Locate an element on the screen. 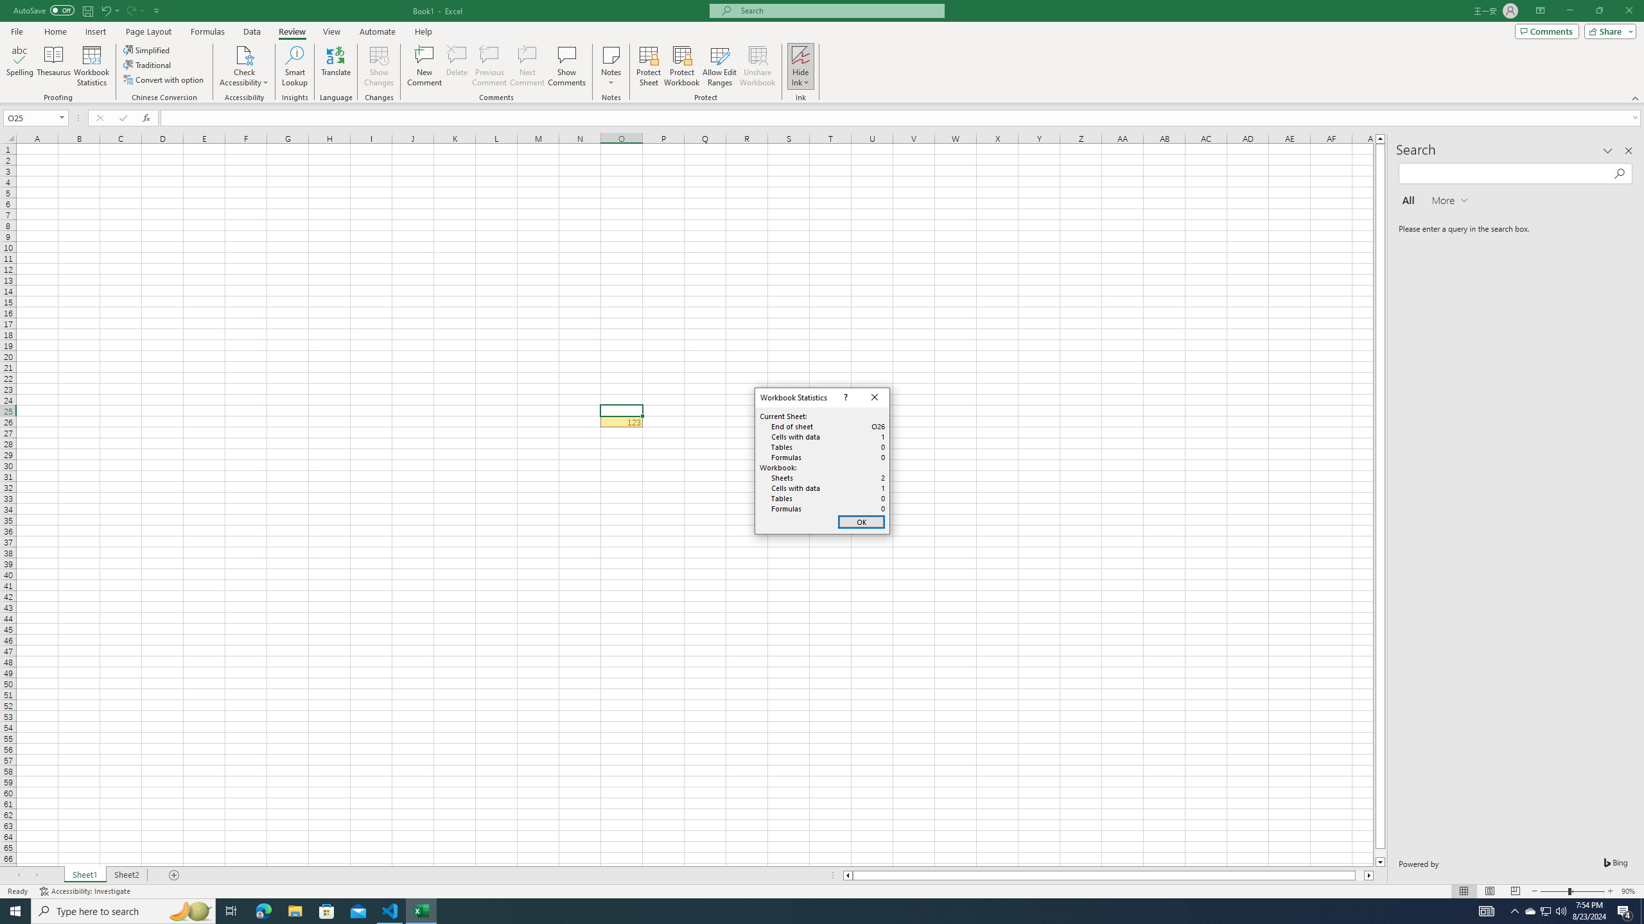 Image resolution: width=1644 pixels, height=924 pixels. 'User Promoted Notification Area' is located at coordinates (1544, 910).